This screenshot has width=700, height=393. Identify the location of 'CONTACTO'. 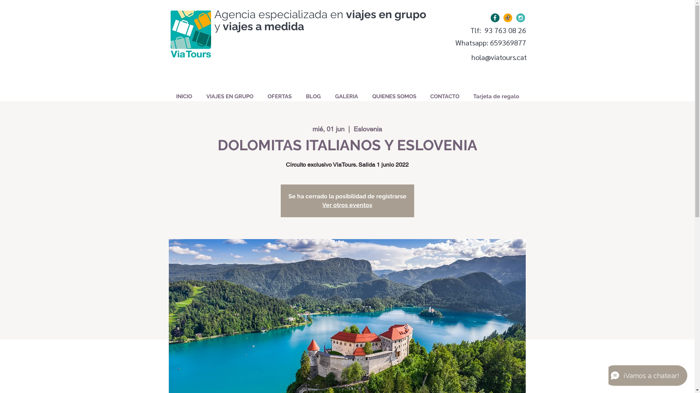
(444, 96).